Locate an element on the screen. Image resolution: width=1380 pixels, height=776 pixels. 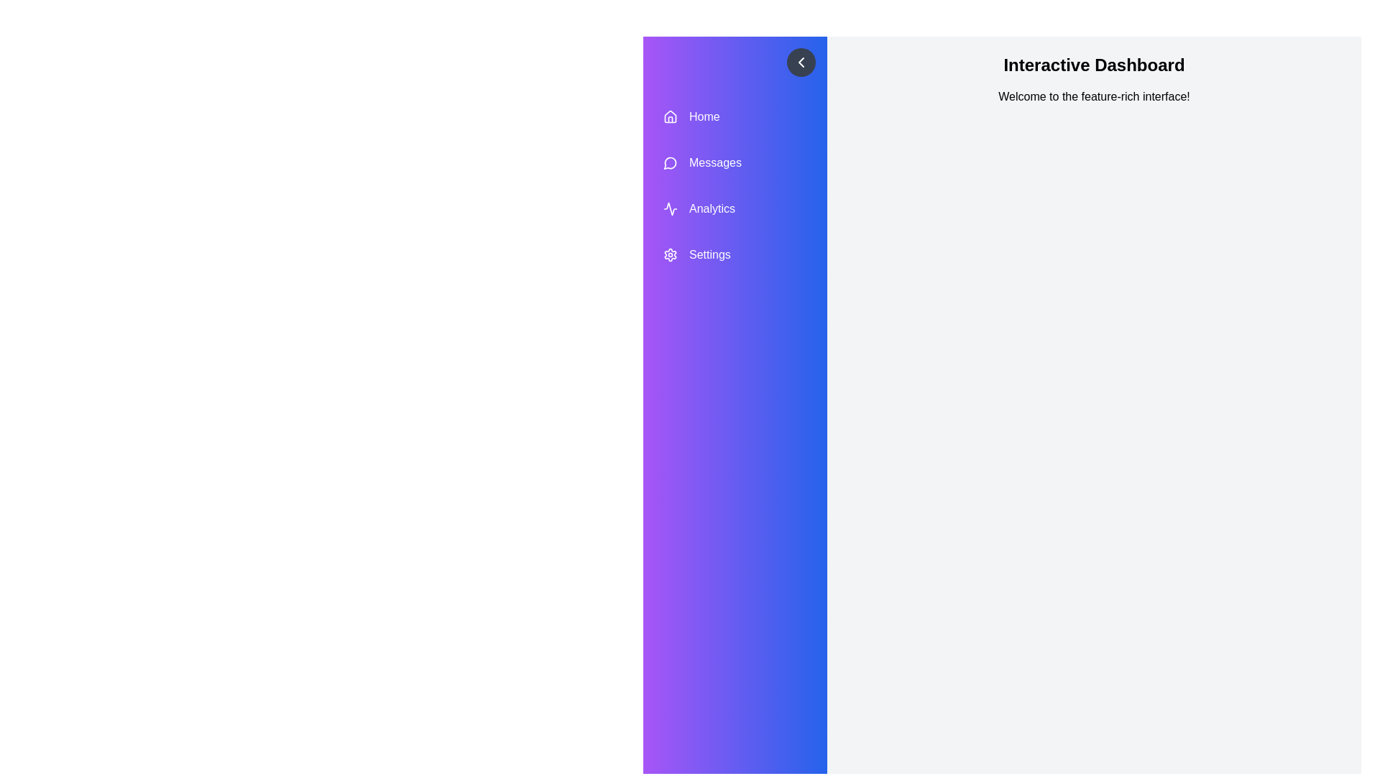
the button with the chevron icon to toggle the drawer open or closed is located at coordinates (800, 62).